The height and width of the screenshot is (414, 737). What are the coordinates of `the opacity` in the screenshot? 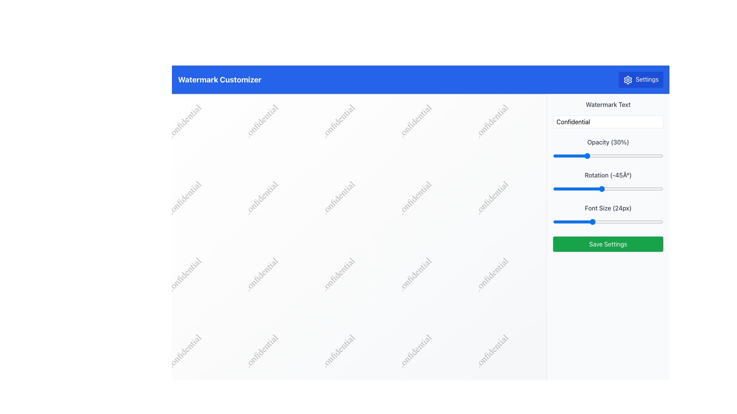 It's located at (638, 155).